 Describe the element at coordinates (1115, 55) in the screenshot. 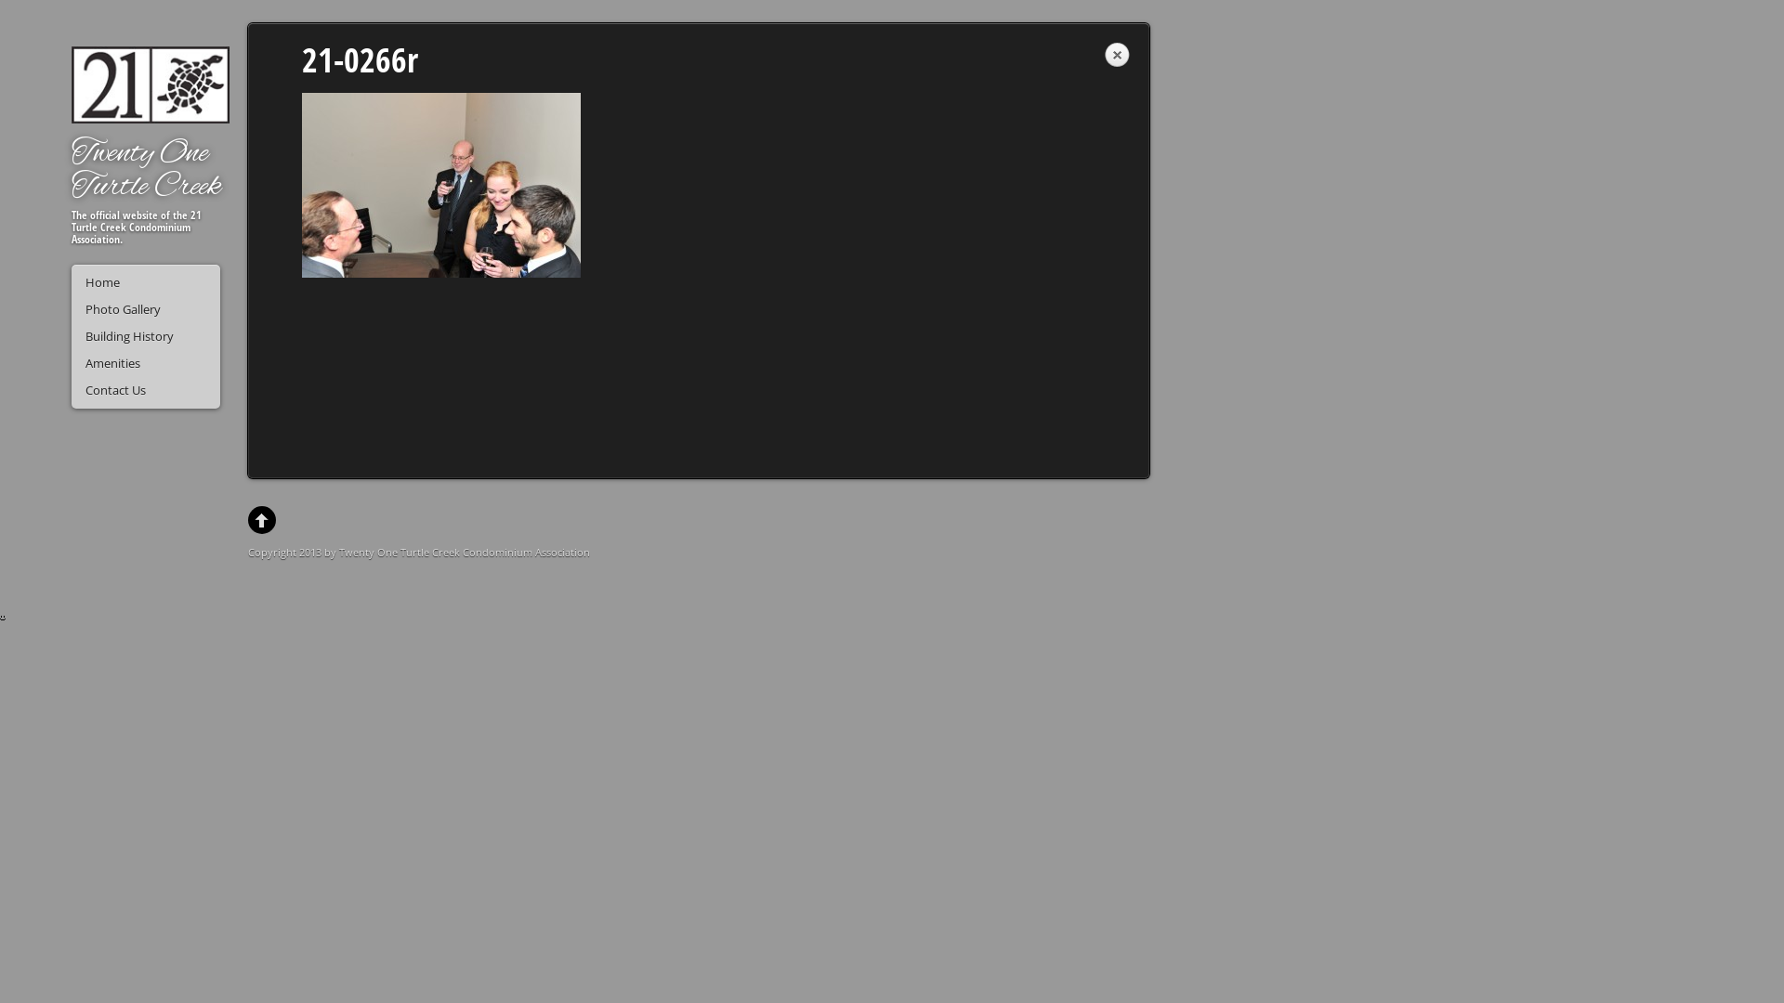

I see `'Close'` at that location.